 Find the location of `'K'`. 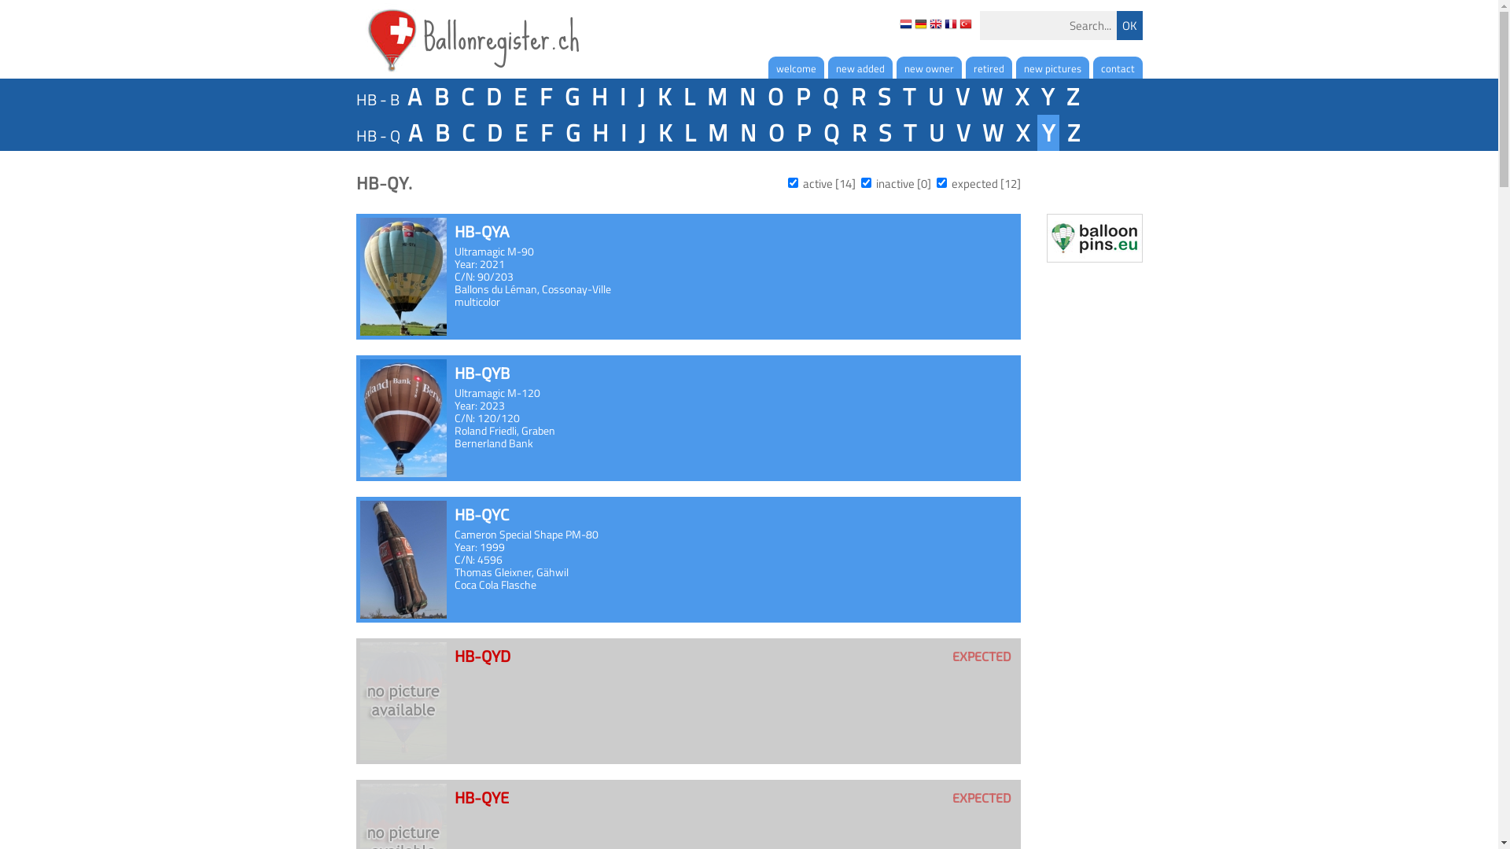

'K' is located at coordinates (664, 132).